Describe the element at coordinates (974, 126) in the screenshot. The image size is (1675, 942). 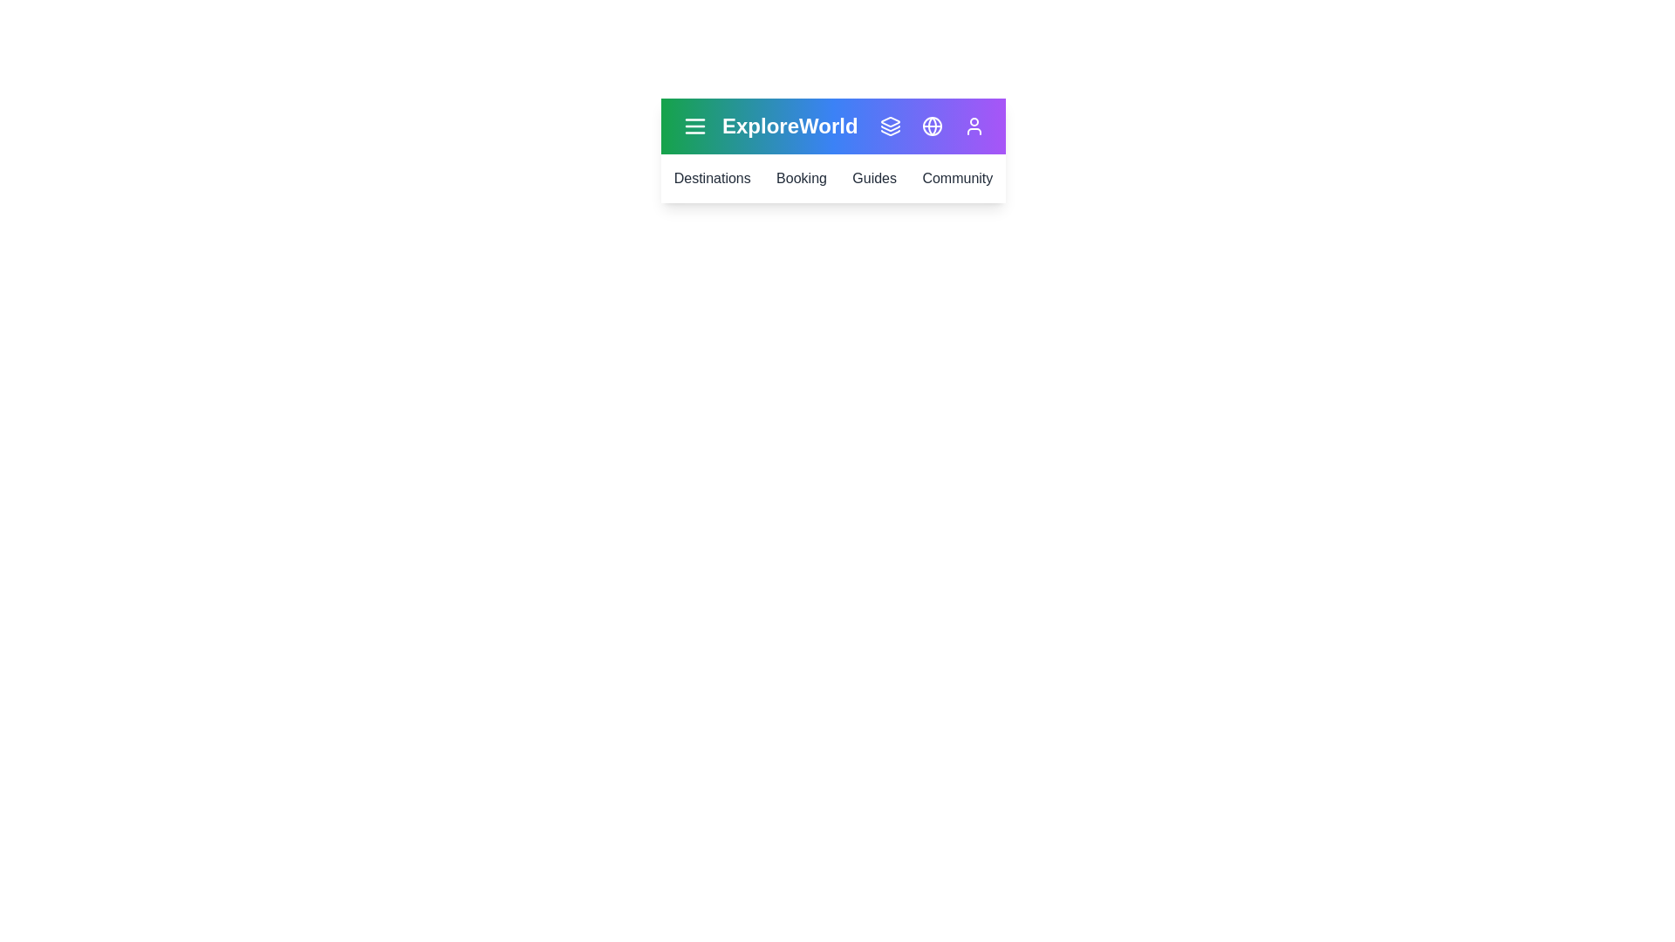
I see `the User icon in the top right corner of the TravelAppBar` at that location.